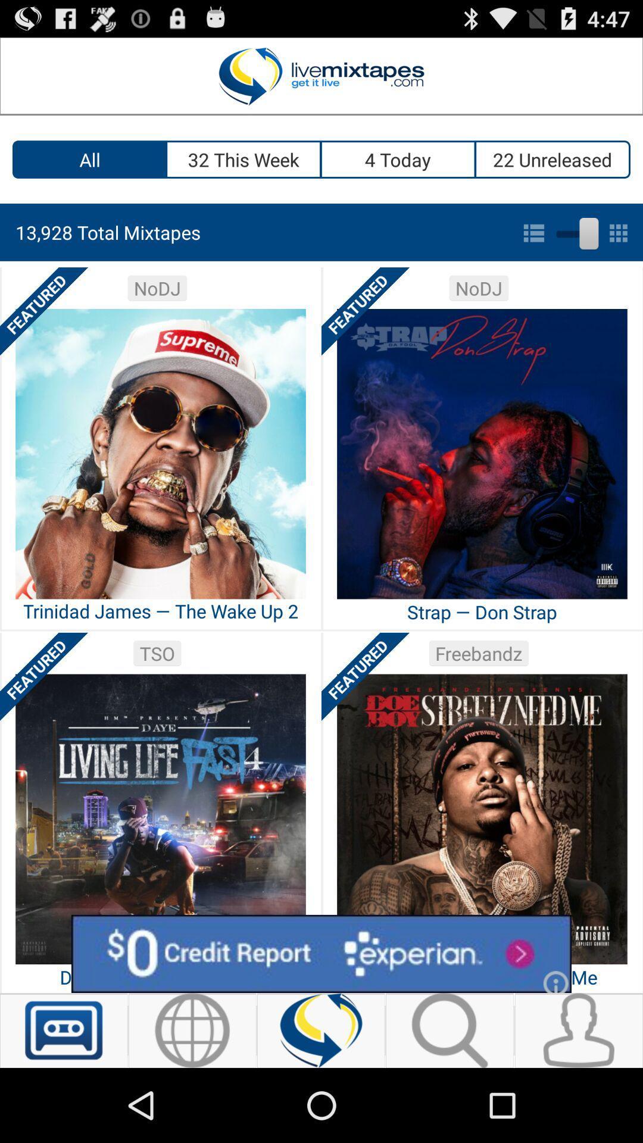 This screenshot has height=1143, width=643. Describe the element at coordinates (244, 159) in the screenshot. I see `the 32 this week item` at that location.